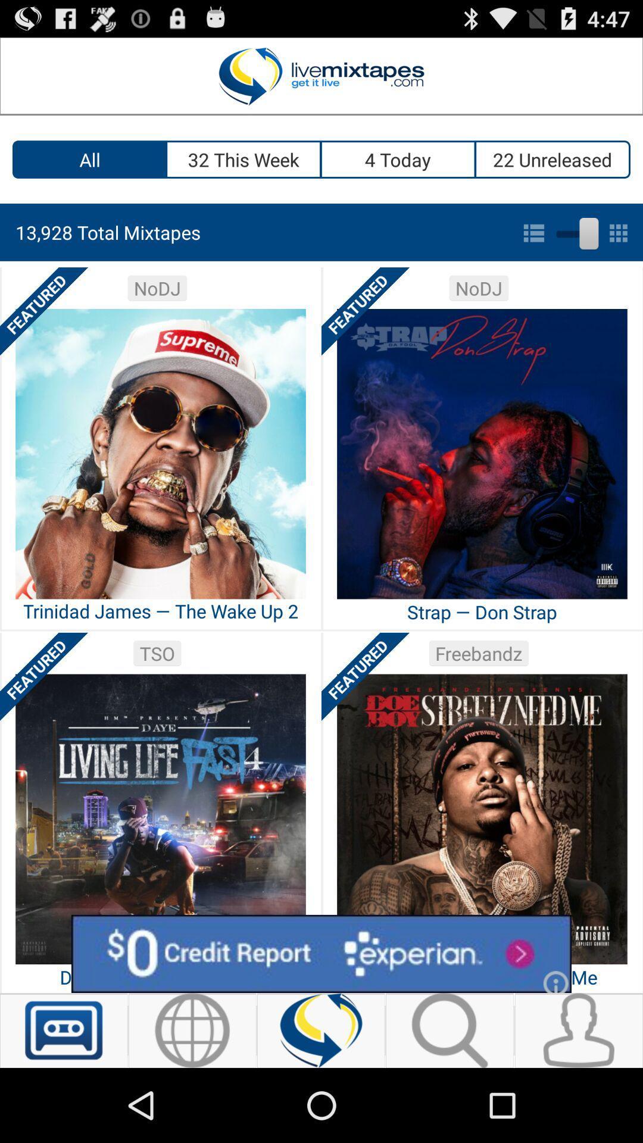 This screenshot has height=1143, width=643. Describe the element at coordinates (244, 159) in the screenshot. I see `the 32 this week item` at that location.